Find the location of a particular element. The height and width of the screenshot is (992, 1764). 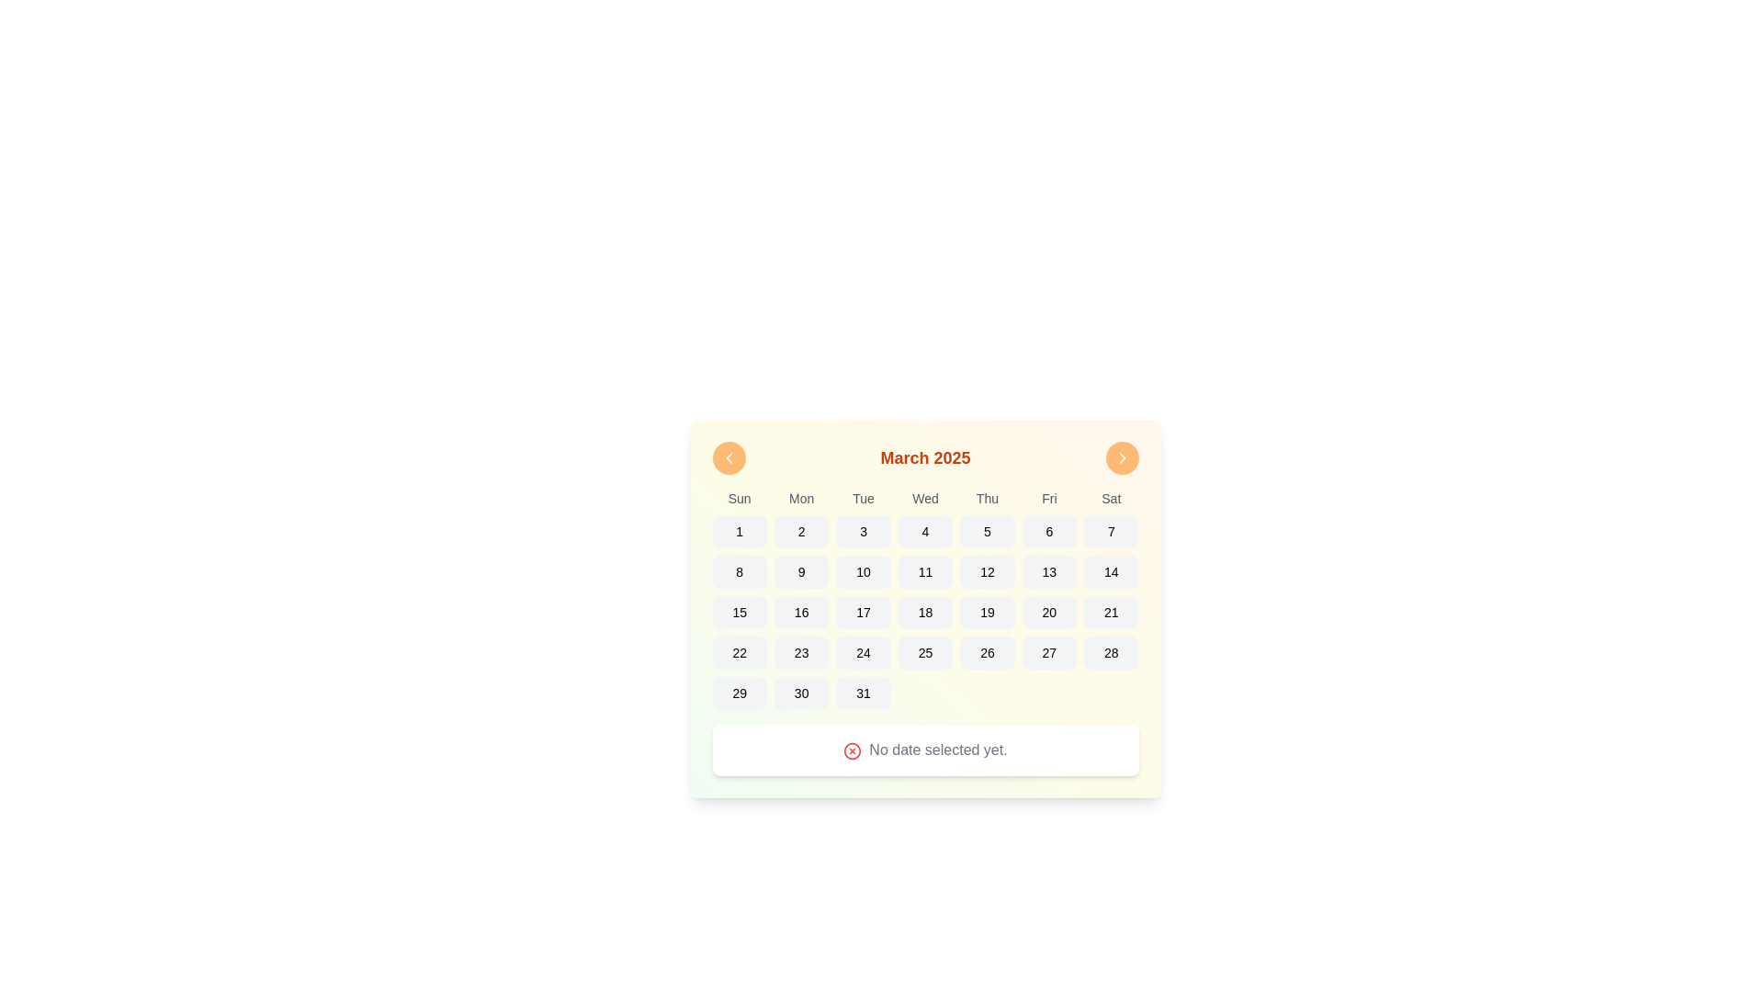

the interactive button representing the 23rd day on the calendar is located at coordinates (801, 651).